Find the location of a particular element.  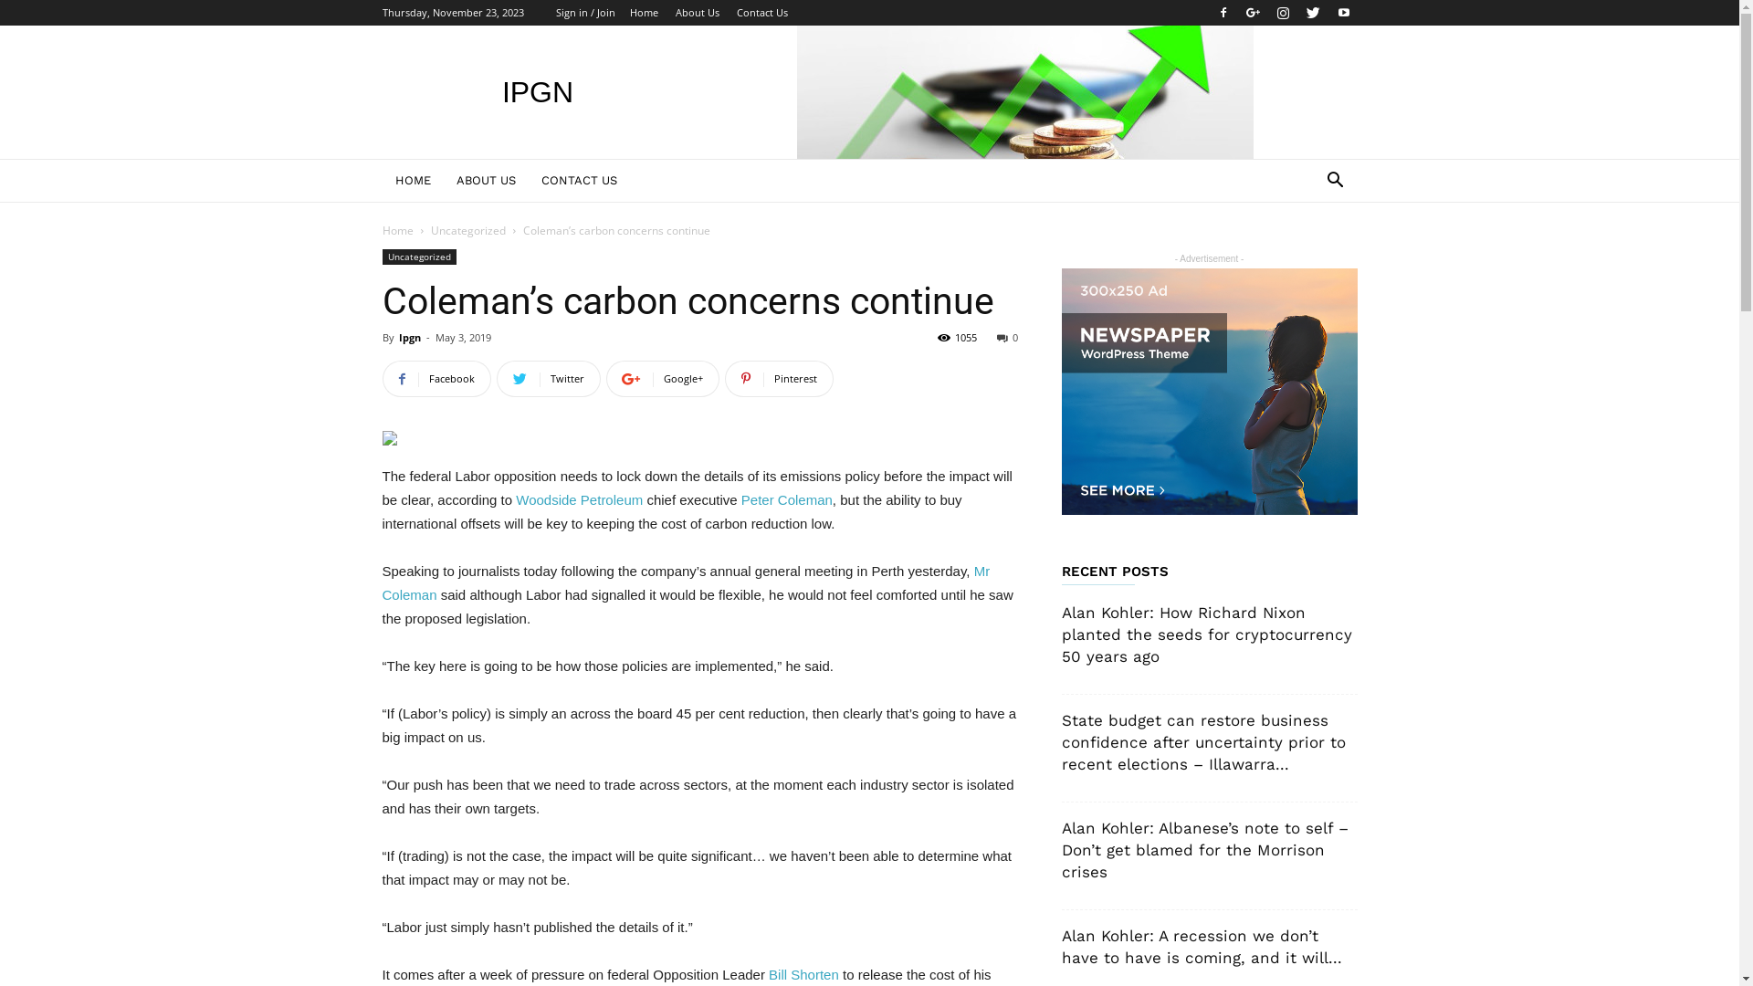

'About Us' is located at coordinates (696, 12).